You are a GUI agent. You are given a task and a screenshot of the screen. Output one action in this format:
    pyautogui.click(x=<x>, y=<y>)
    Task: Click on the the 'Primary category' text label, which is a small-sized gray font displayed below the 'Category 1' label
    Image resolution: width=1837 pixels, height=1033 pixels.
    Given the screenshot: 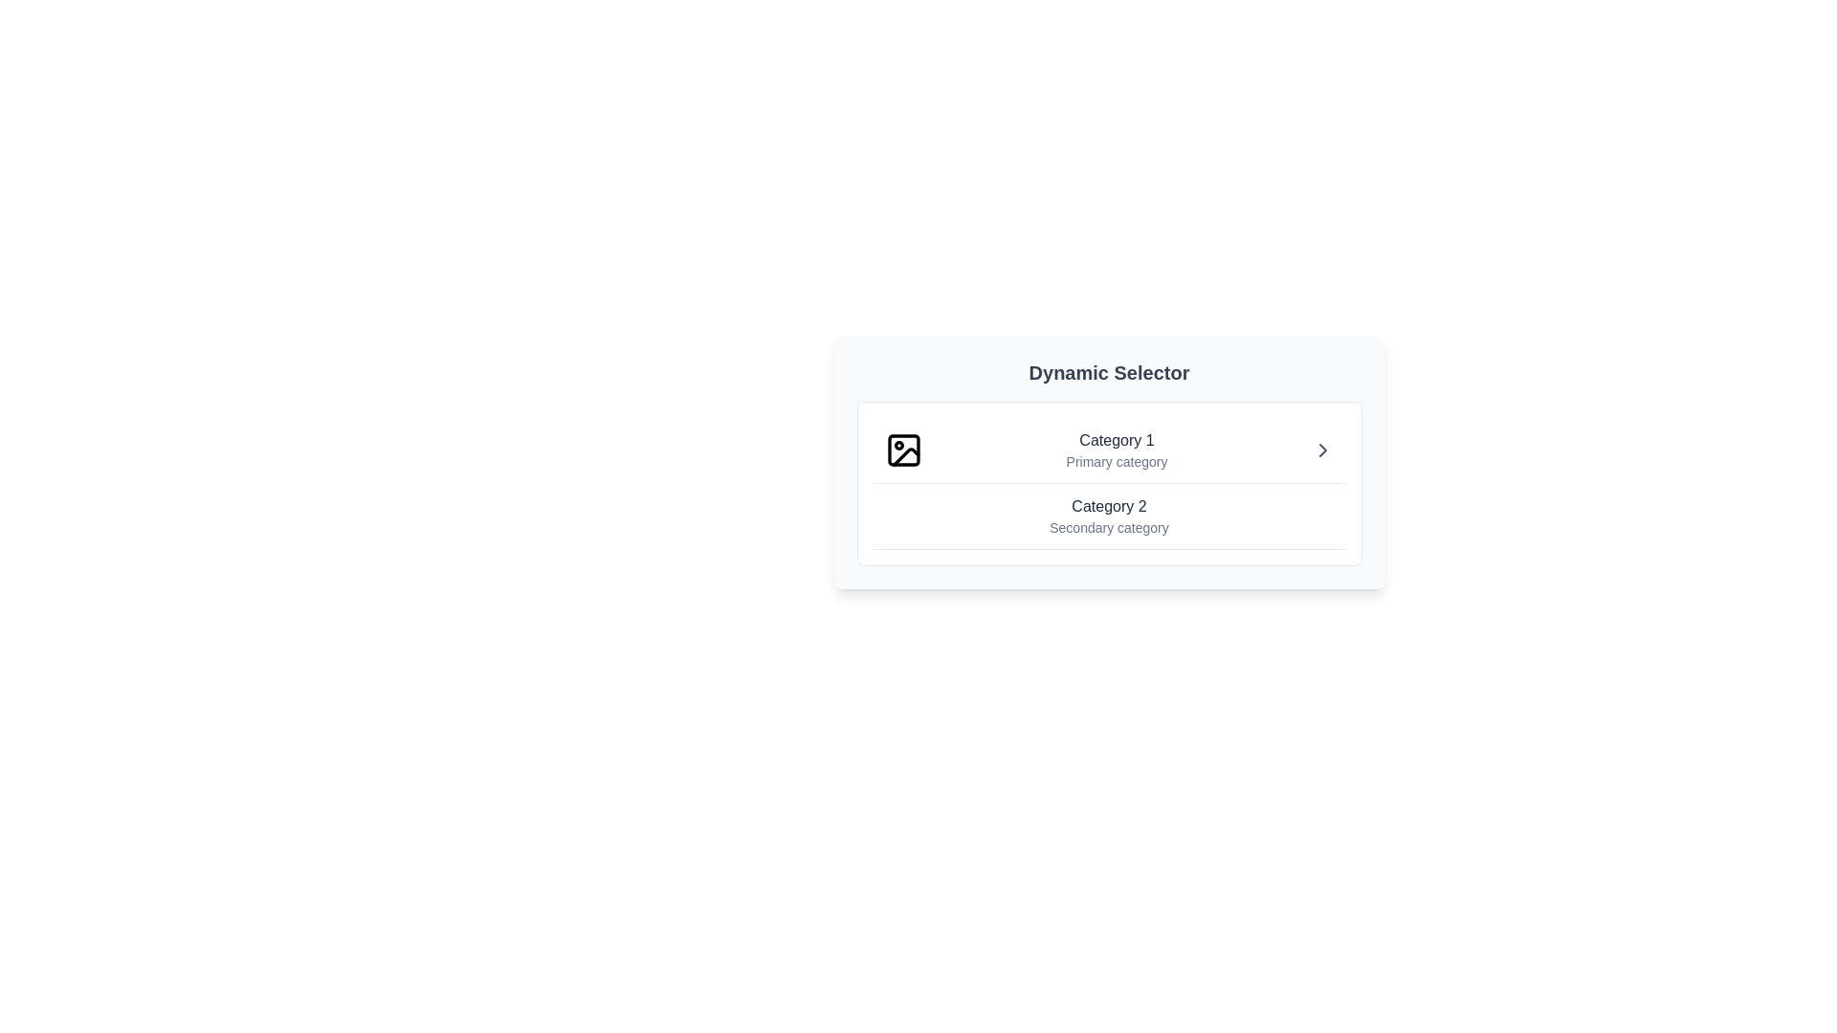 What is the action you would take?
    pyautogui.click(x=1117, y=461)
    